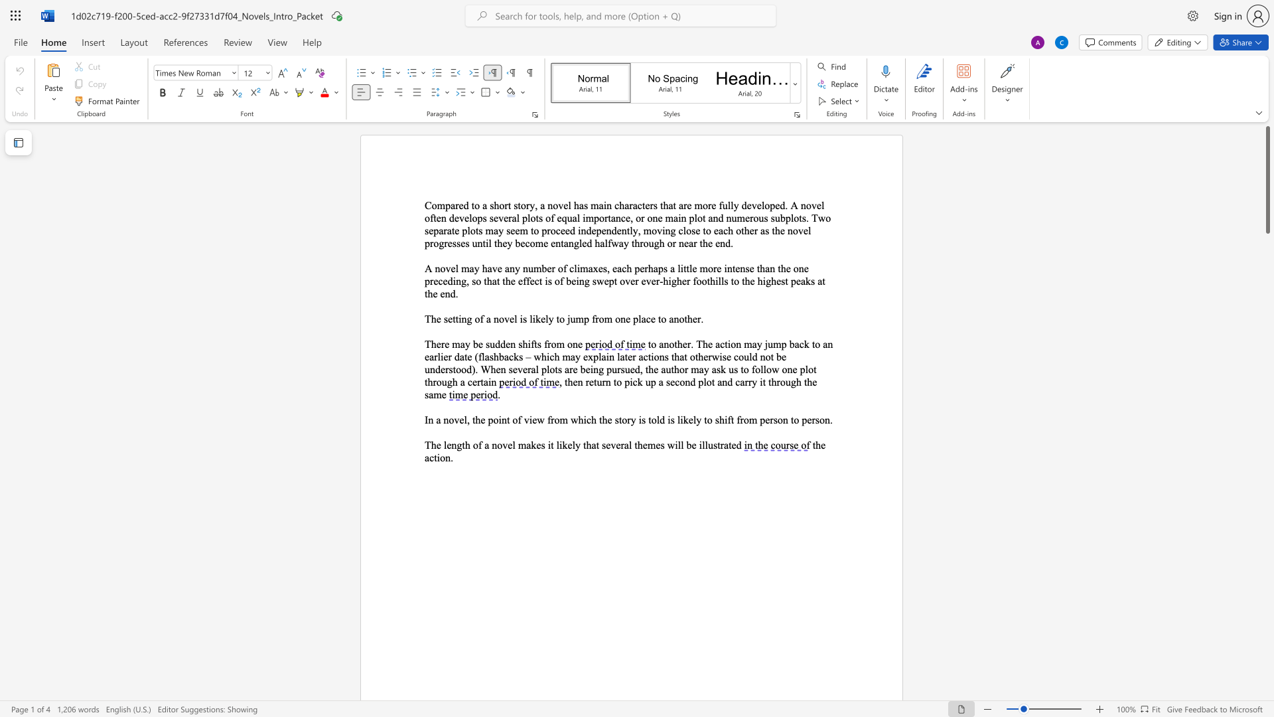 The height and width of the screenshot is (717, 1274). Describe the element at coordinates (573, 268) in the screenshot. I see `the space between the continuous character "c" and "l" in the text` at that location.